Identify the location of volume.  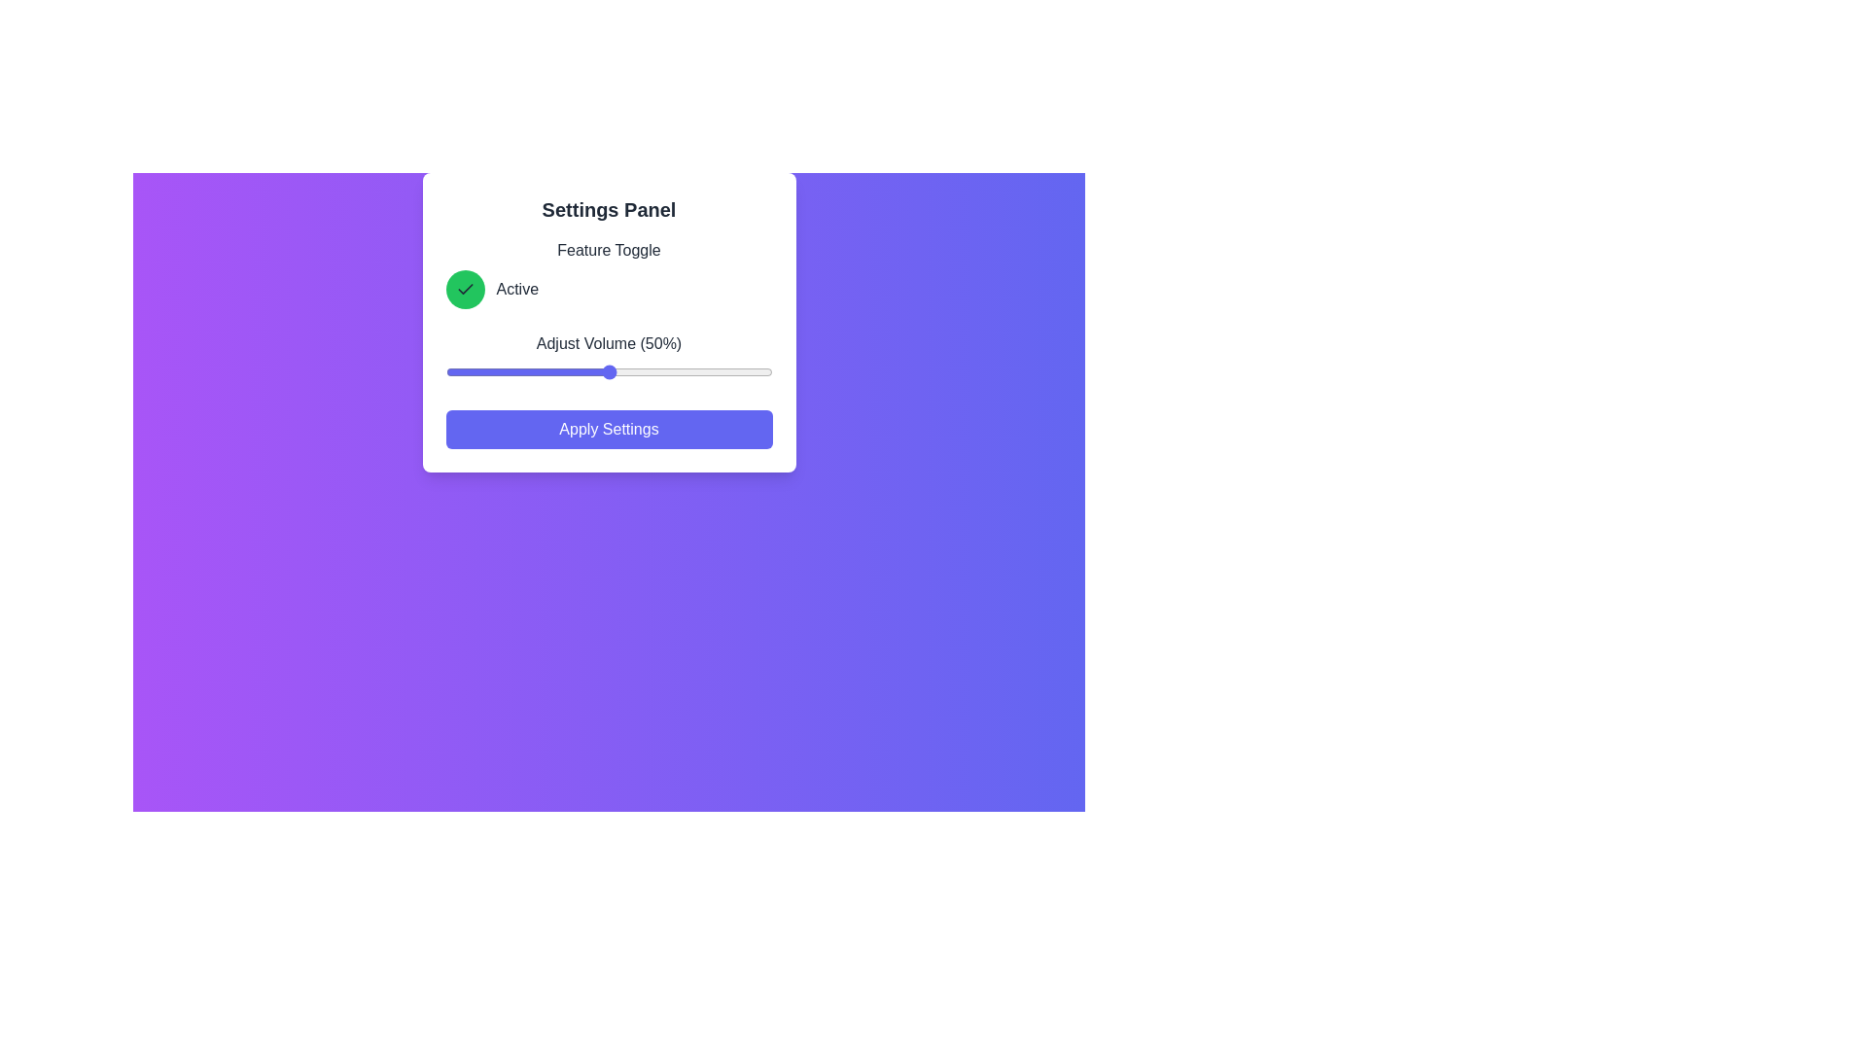
(648, 371).